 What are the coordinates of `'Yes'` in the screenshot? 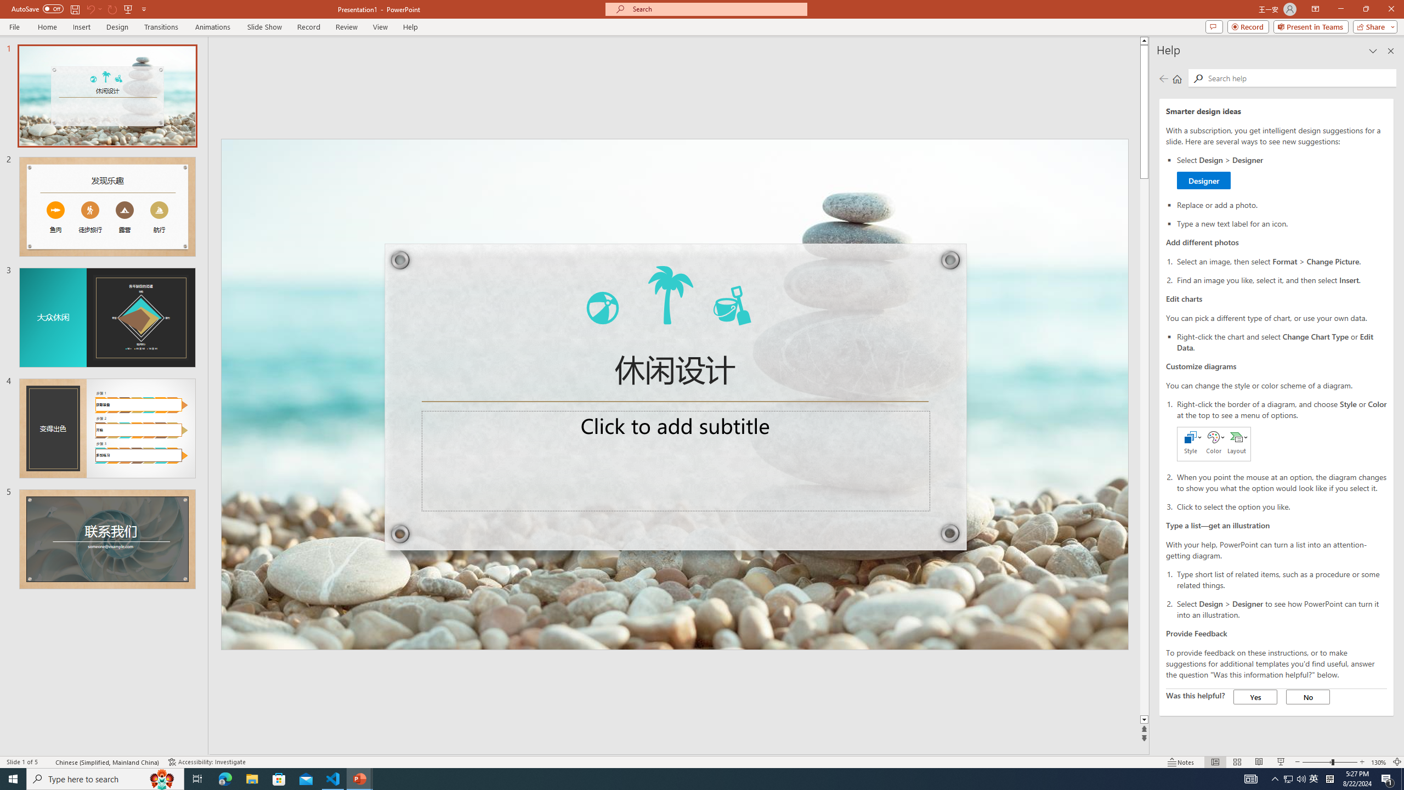 It's located at (1255, 696).